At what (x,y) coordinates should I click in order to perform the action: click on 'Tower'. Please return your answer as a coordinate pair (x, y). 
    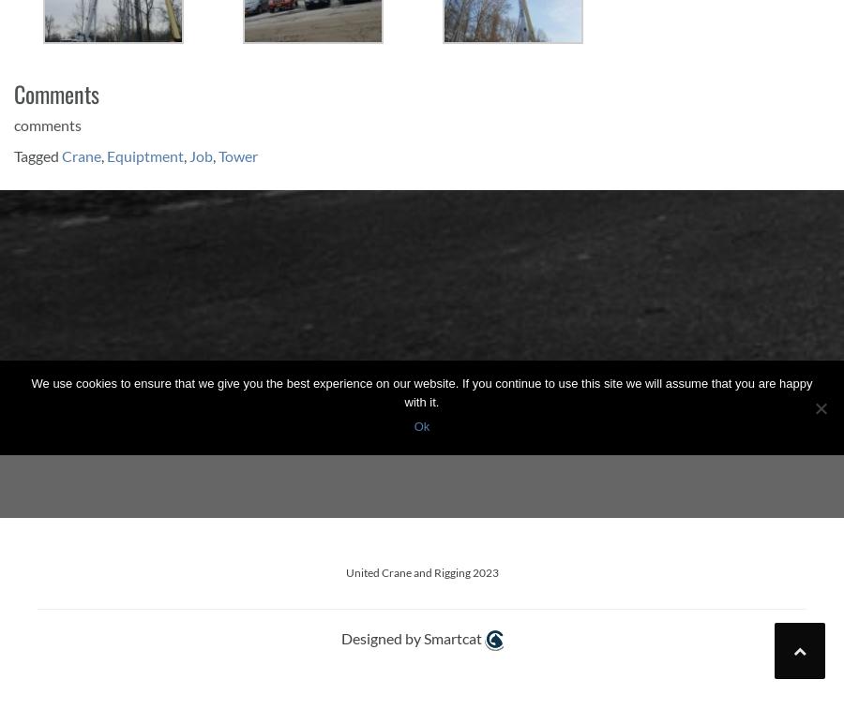
    Looking at the image, I should click on (236, 154).